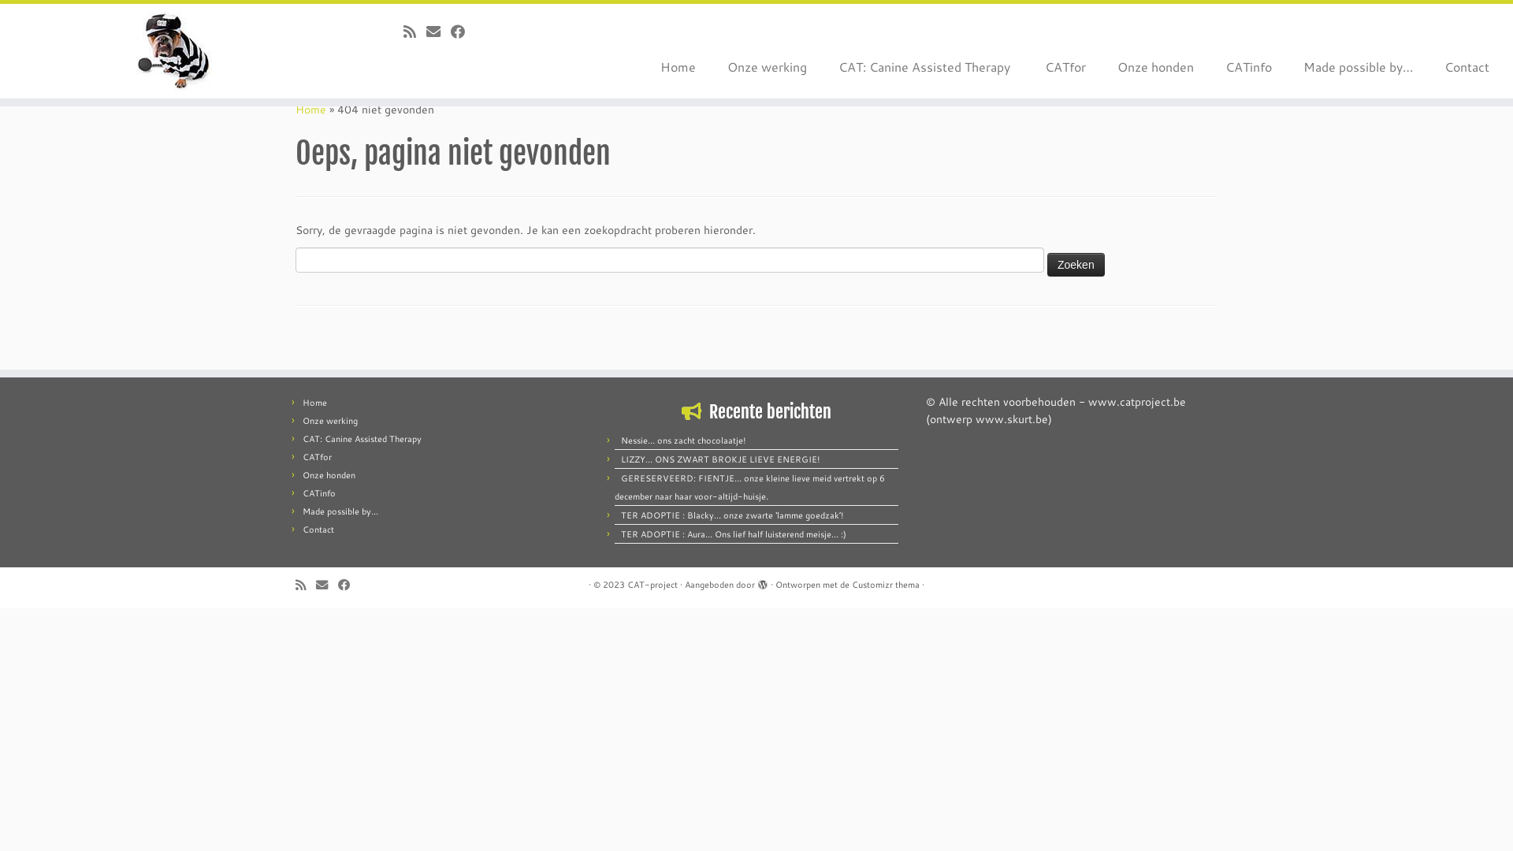  What do you see at coordinates (336, 585) in the screenshot?
I see `'Volg mij op Facebook'` at bounding box center [336, 585].